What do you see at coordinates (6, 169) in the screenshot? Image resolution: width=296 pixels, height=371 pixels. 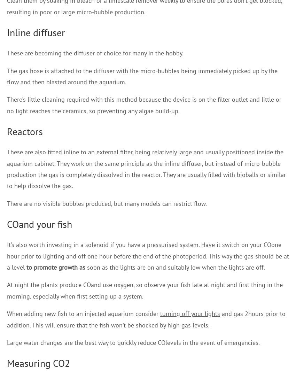 I see `'and usually positioned inside the aquarium cabinet. They work on the same principle as the inline diffuser, but instead of micro-bubble production the gas is completely dissolved in the reactor. They are usually filled with bioballs or similar to help dissolve the gas.'` at bounding box center [6, 169].